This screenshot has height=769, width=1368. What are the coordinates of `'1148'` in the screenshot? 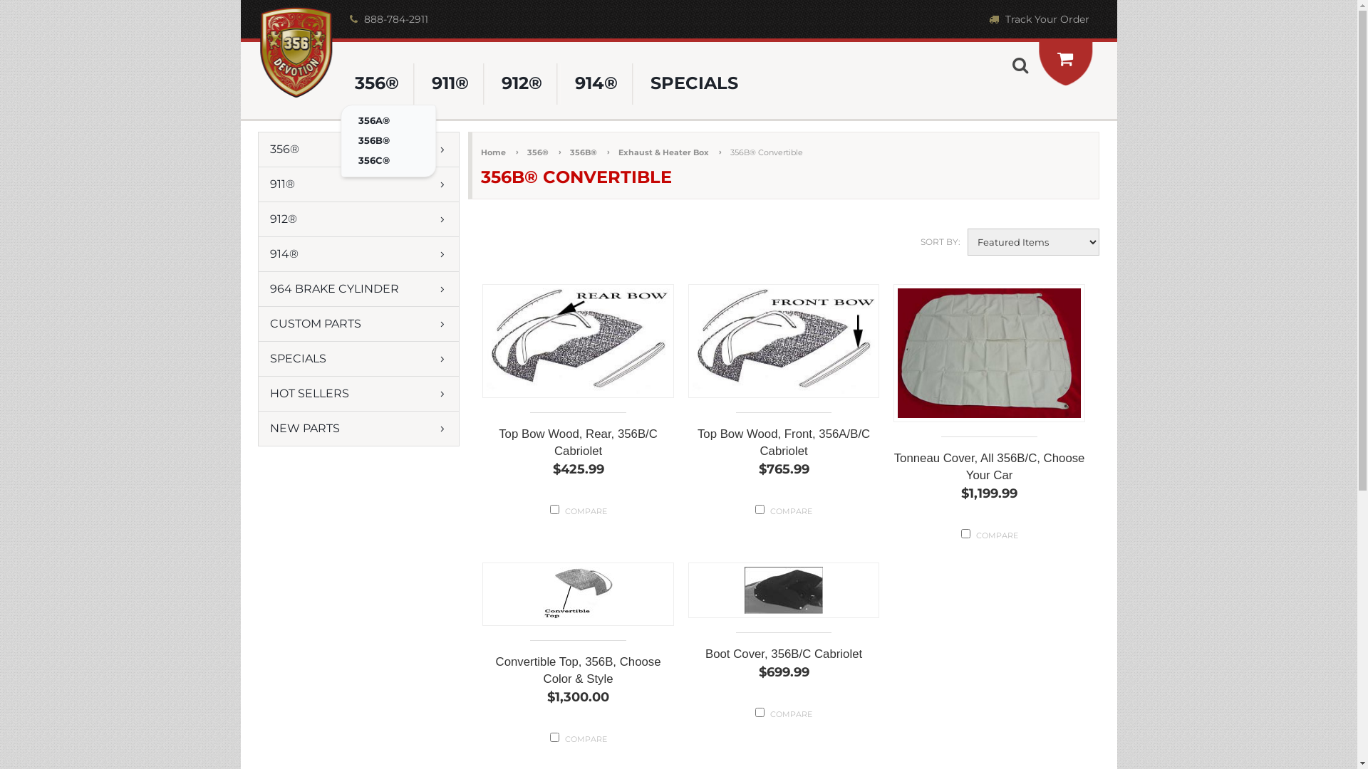 It's located at (759, 712).